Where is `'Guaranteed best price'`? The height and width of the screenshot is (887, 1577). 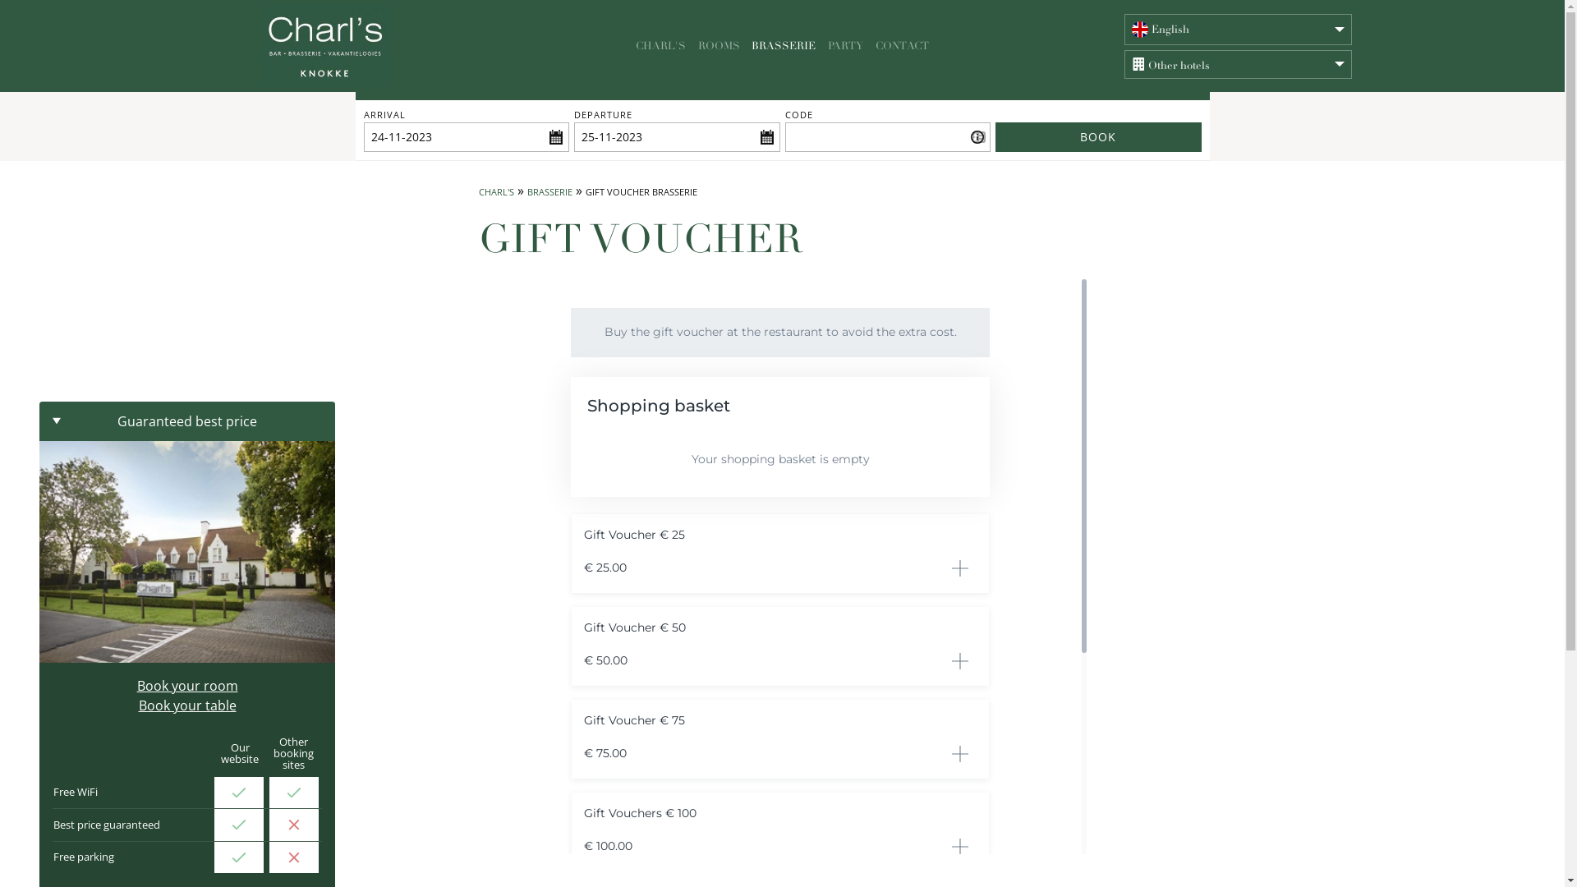 'Guaranteed best price' is located at coordinates (186, 421).